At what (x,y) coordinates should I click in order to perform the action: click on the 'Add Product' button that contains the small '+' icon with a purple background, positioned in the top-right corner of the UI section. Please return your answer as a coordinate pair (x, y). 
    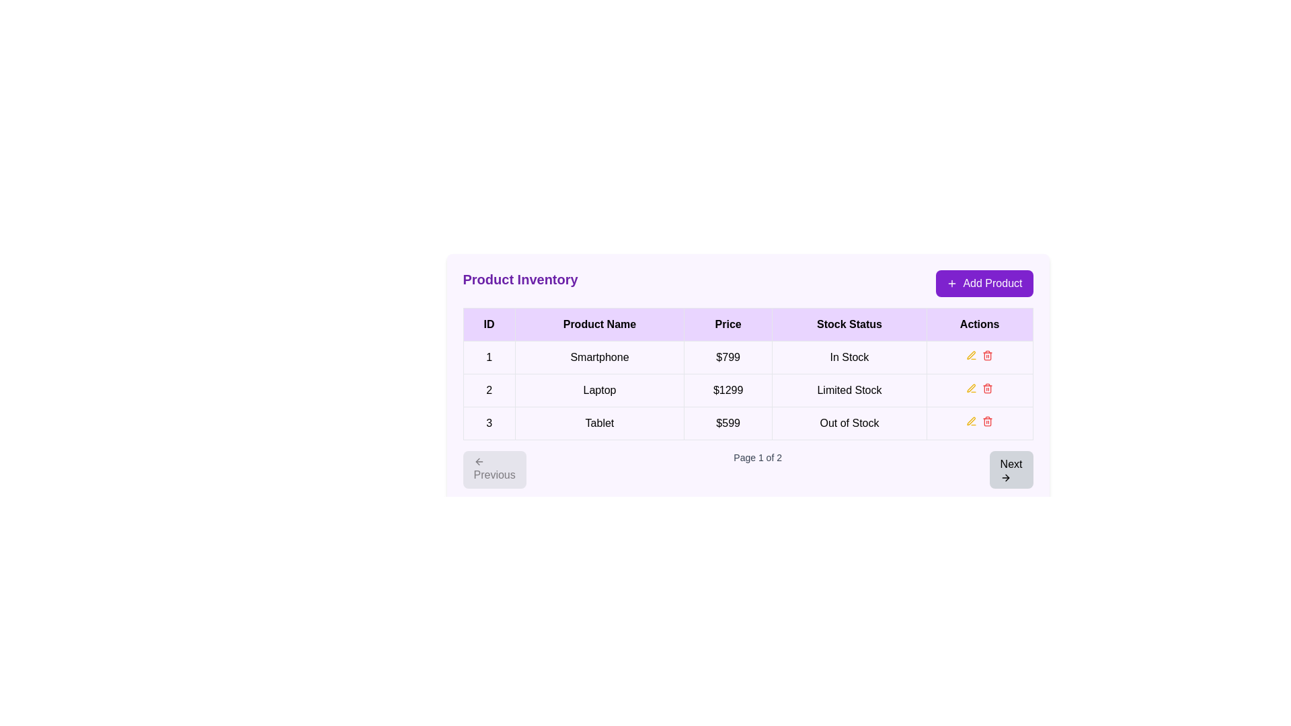
    Looking at the image, I should click on (951, 282).